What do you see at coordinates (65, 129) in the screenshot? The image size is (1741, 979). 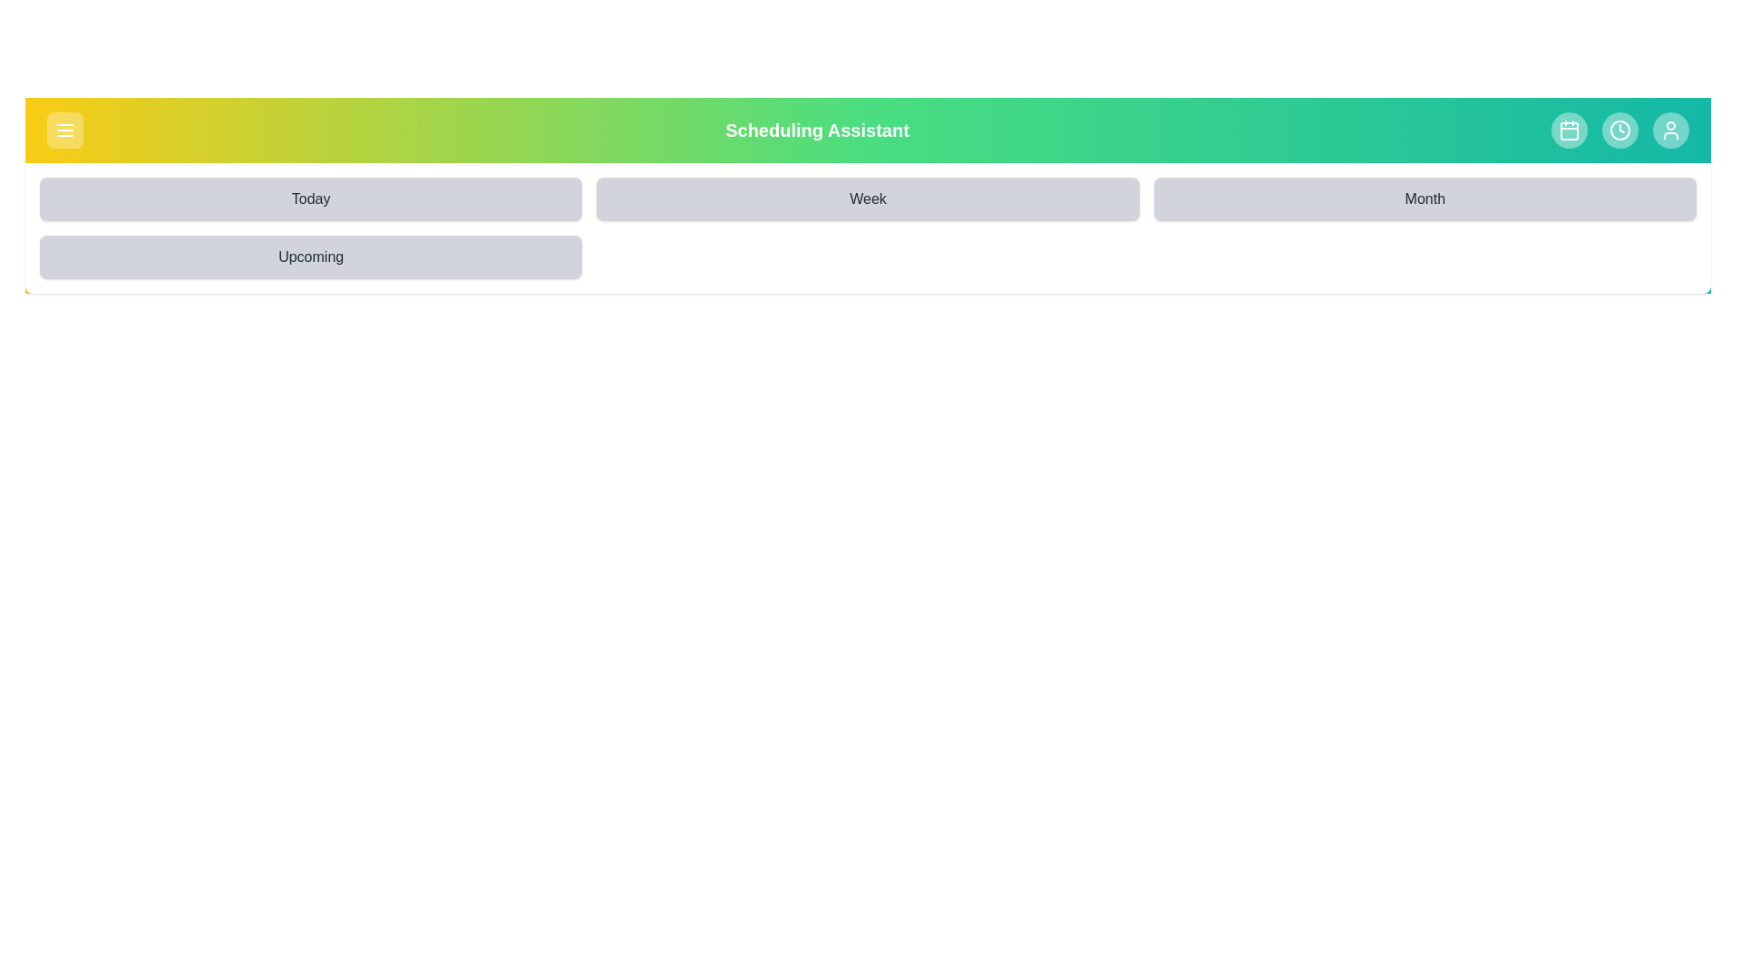 I see `the menu toggle button to toggle the visibility of the menu` at bounding box center [65, 129].